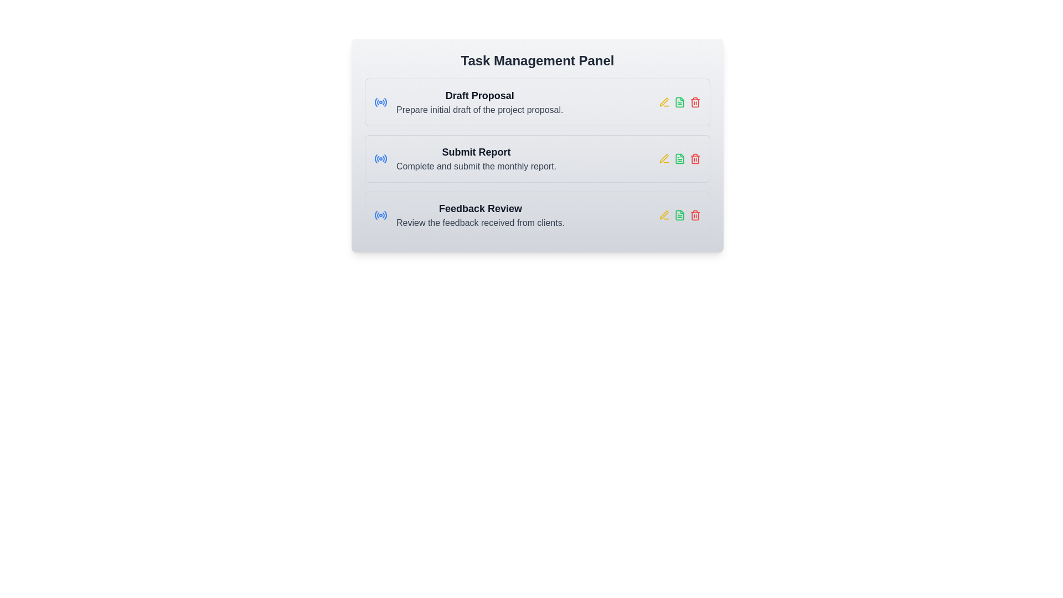 This screenshot has height=598, width=1063. What do you see at coordinates (695, 215) in the screenshot?
I see `the red trash bin icon on the rightmost side of the row` at bounding box center [695, 215].